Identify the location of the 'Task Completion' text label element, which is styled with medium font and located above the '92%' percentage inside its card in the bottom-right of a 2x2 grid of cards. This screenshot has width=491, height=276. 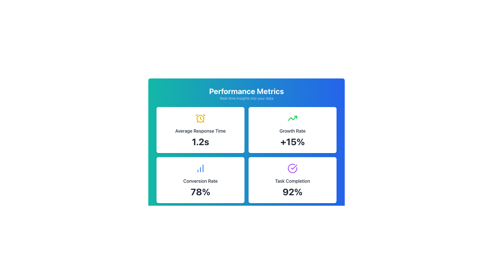
(292, 181).